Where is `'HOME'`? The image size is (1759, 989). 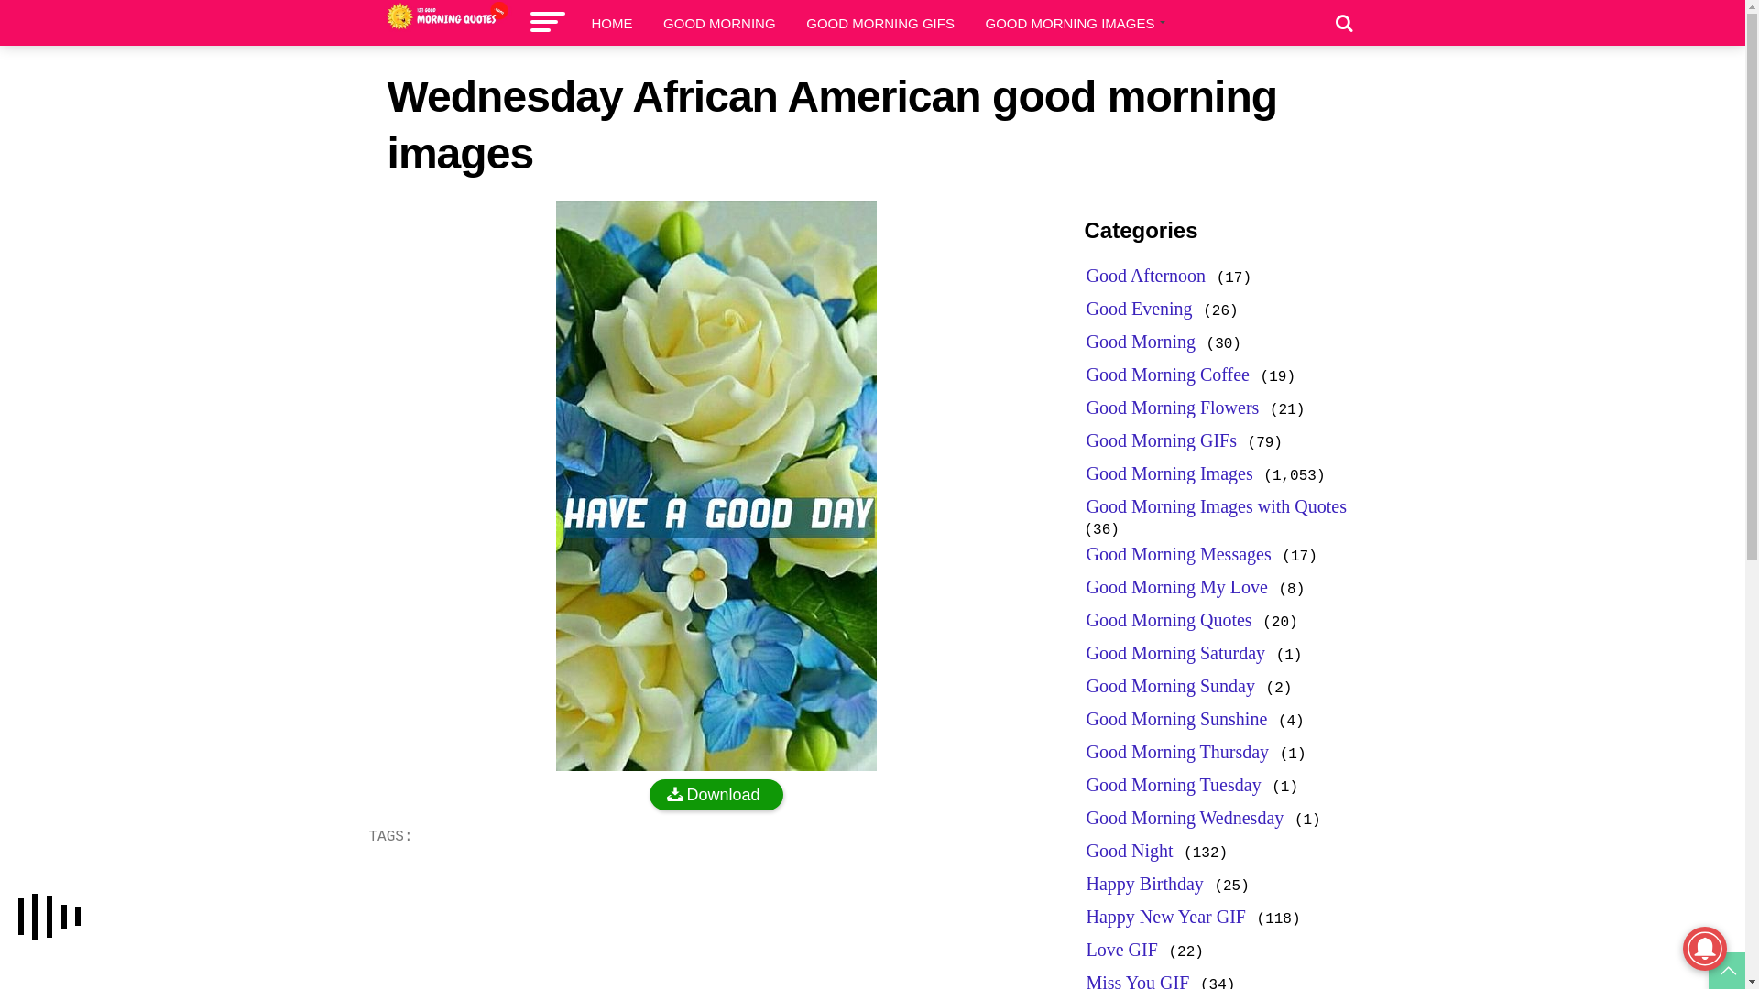
'HOME' is located at coordinates (612, 23).